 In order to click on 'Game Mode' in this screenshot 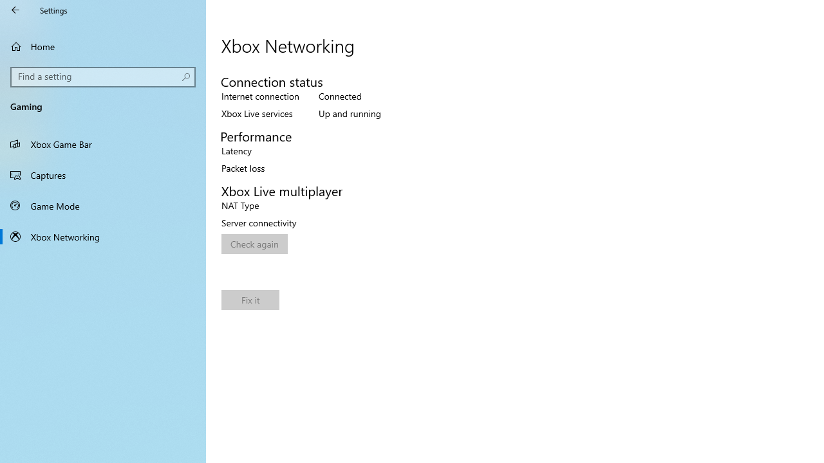, I will do `click(103, 205)`.